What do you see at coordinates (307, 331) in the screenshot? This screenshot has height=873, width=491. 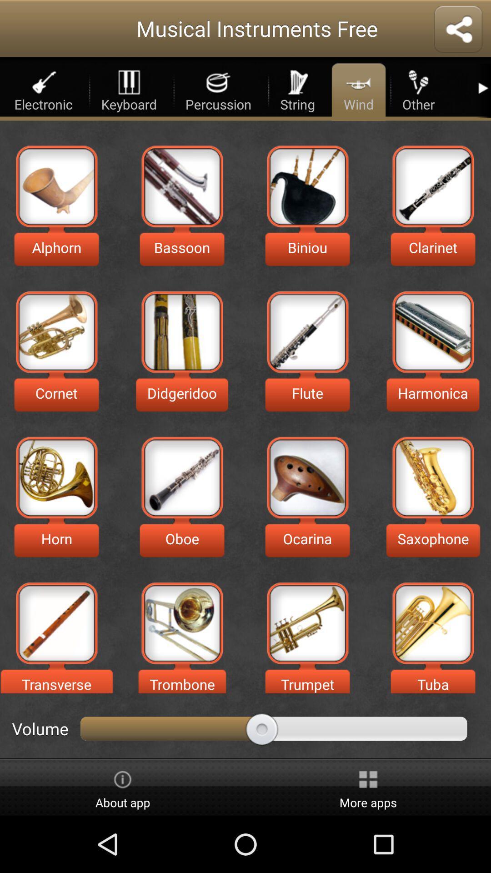 I see `click flute` at bounding box center [307, 331].